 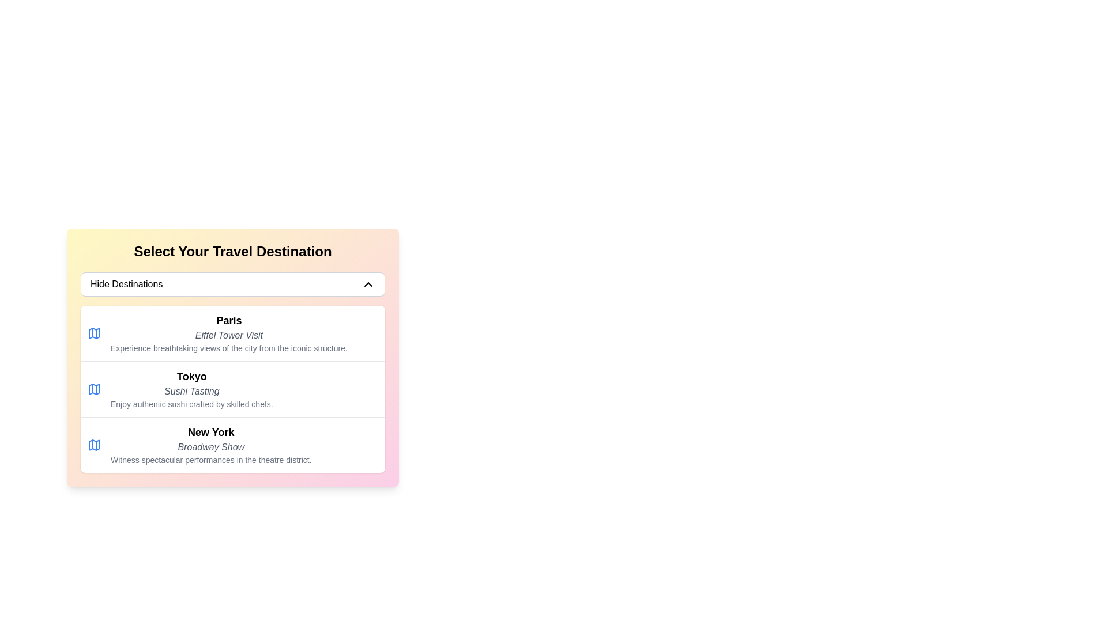 I want to click on the text element that describes the culinary experience for the Tokyo travel destination, located directly below the 'Sushi Tasting' subtitle in the 'Tokyo' section, so click(x=191, y=404).